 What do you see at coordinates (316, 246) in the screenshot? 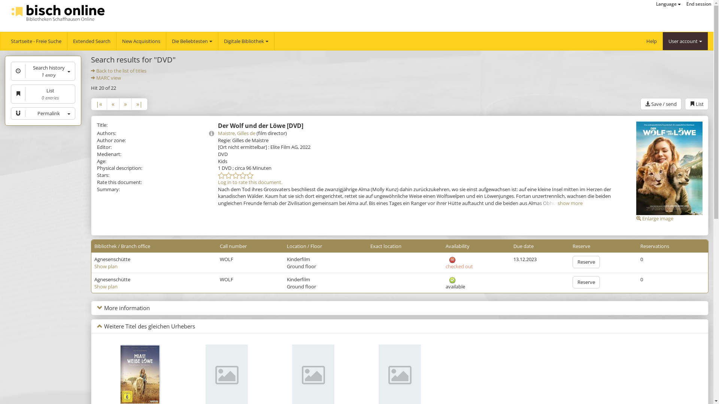
I see `'Floor'` at bounding box center [316, 246].